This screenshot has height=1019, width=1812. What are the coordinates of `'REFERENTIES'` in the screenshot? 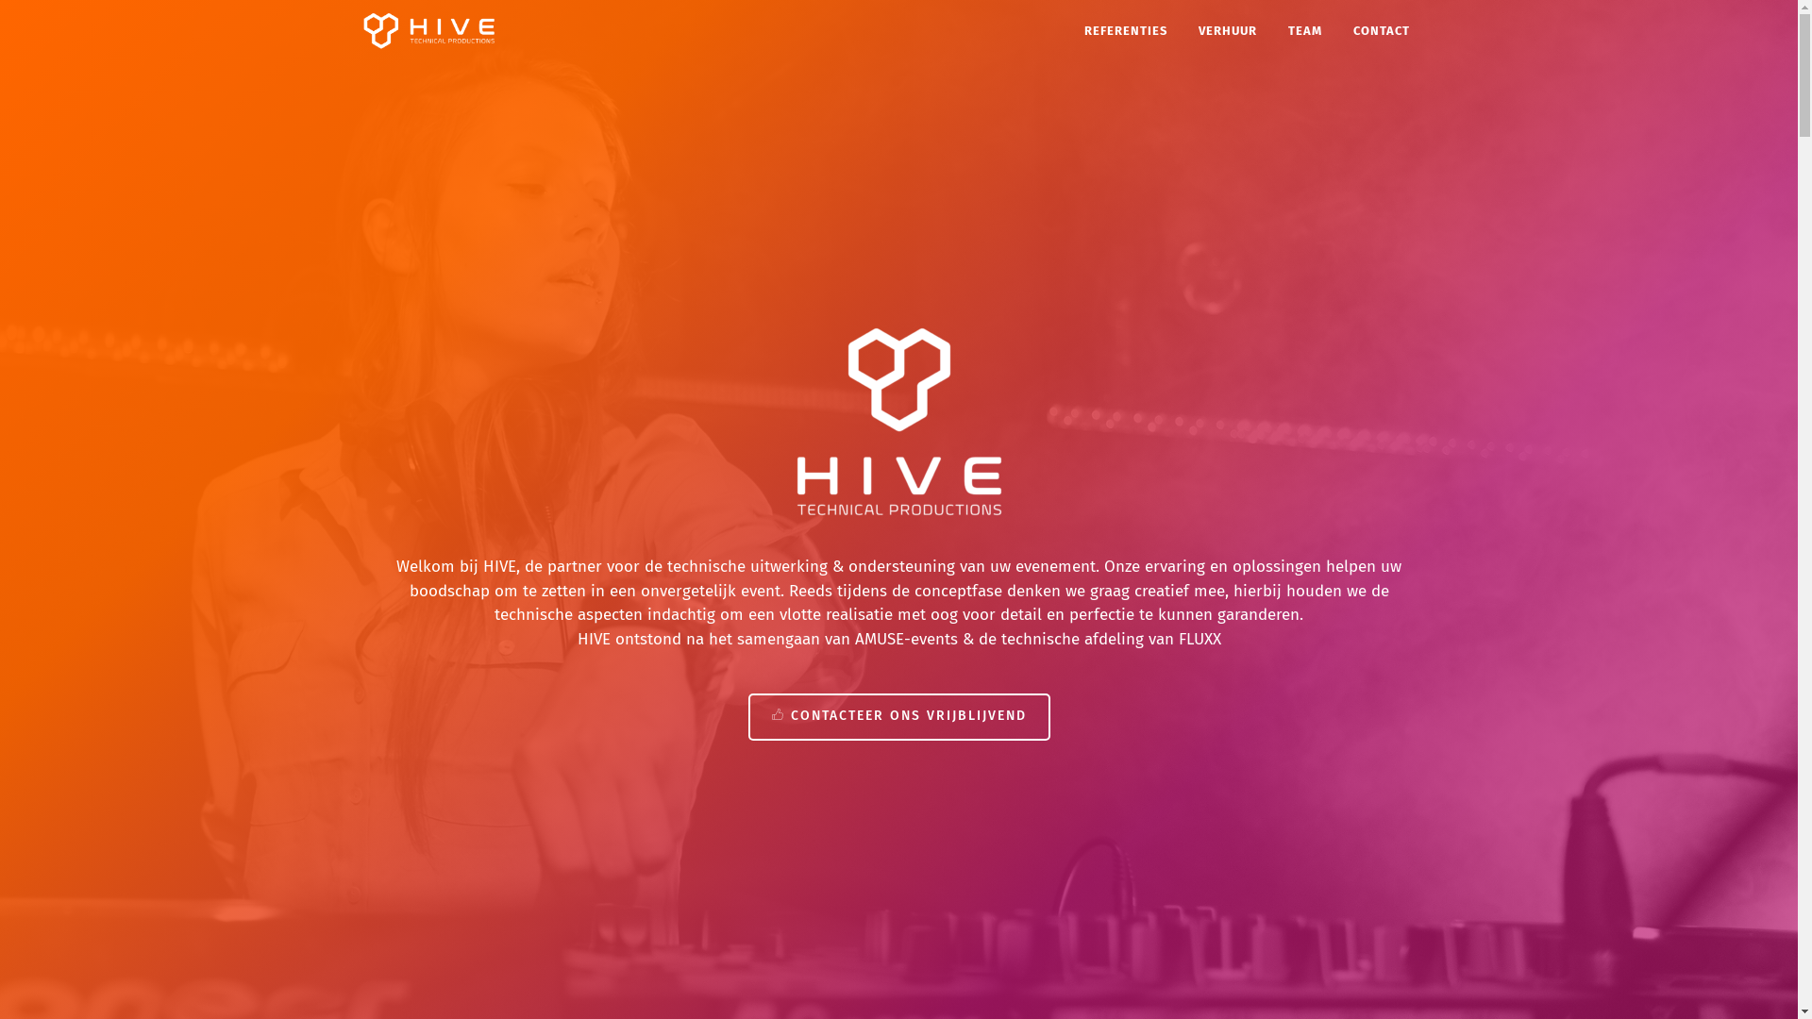 It's located at (1124, 29).